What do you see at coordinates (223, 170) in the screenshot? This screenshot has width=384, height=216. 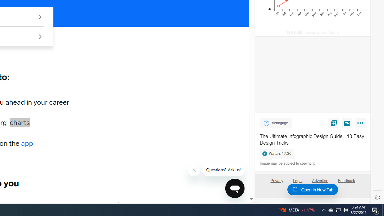 I see `'Questions? Ask us!'` at bounding box center [223, 170].